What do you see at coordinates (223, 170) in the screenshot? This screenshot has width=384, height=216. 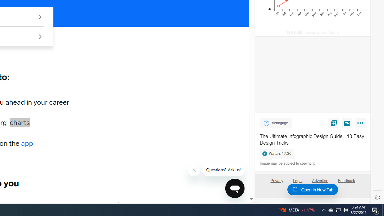 I see `'Questions? Ask us!'` at bounding box center [223, 170].